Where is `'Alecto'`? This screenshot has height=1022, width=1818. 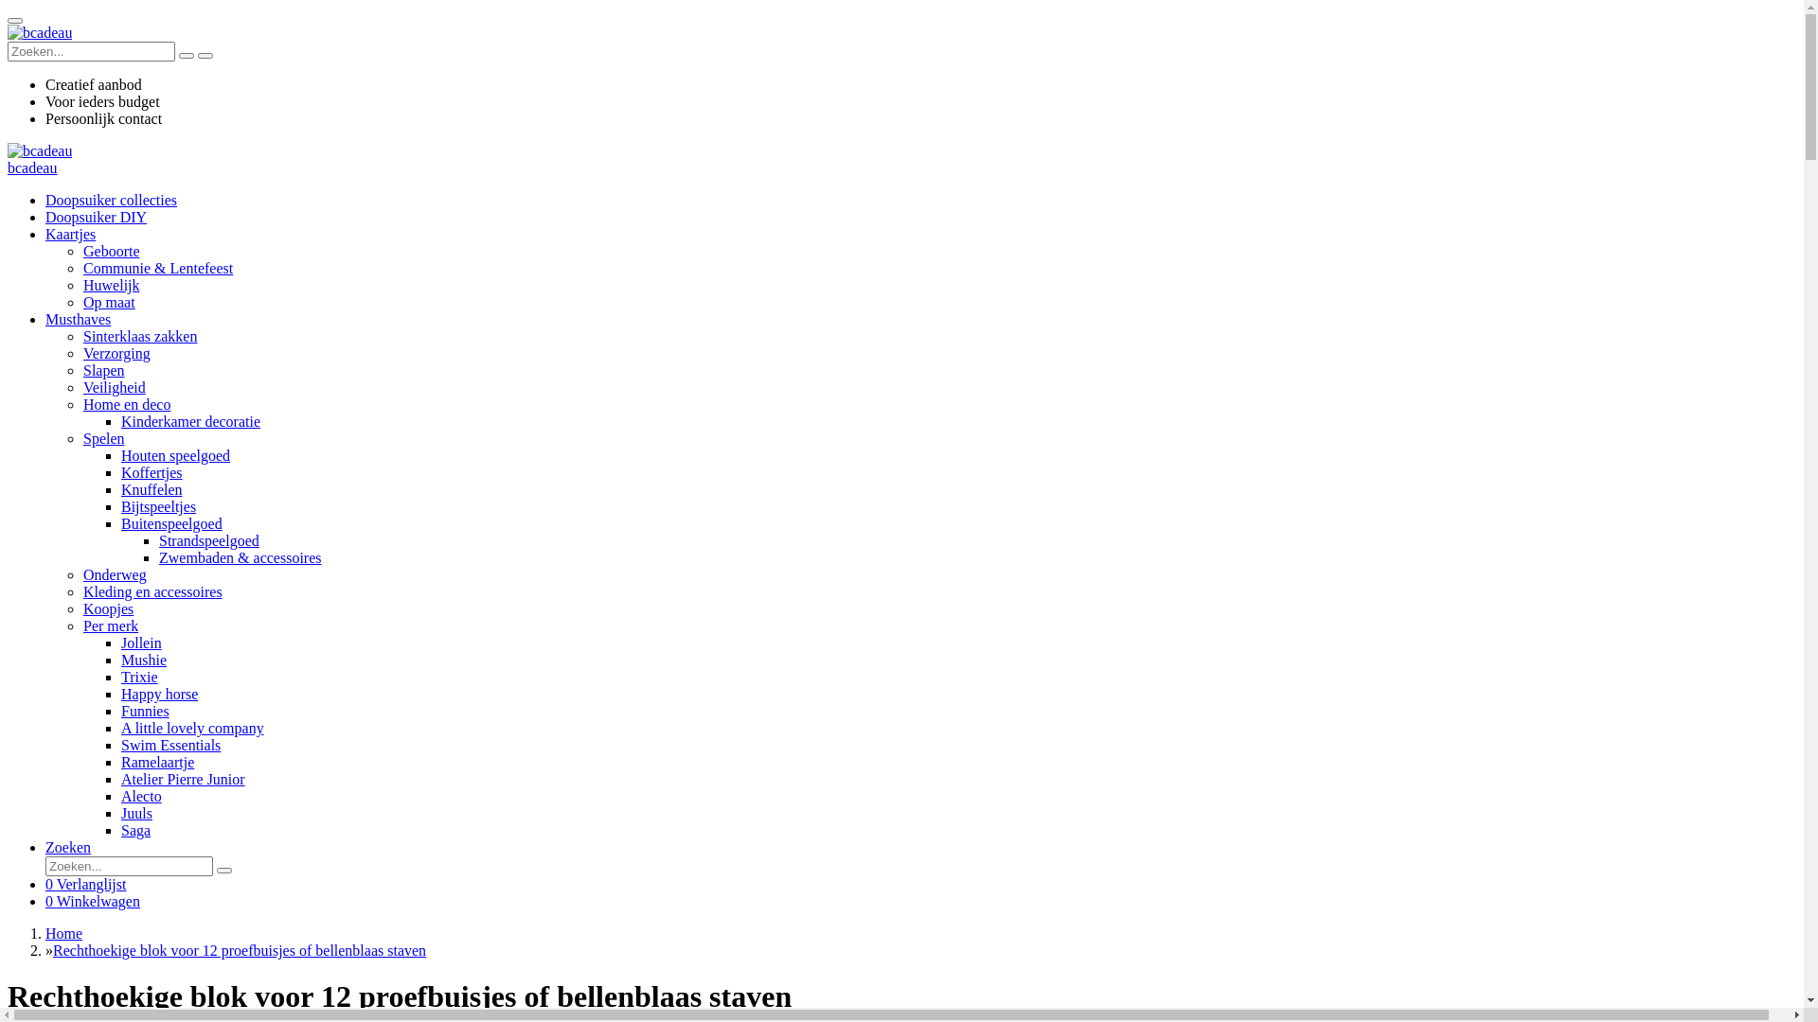
'Alecto' is located at coordinates (140, 796).